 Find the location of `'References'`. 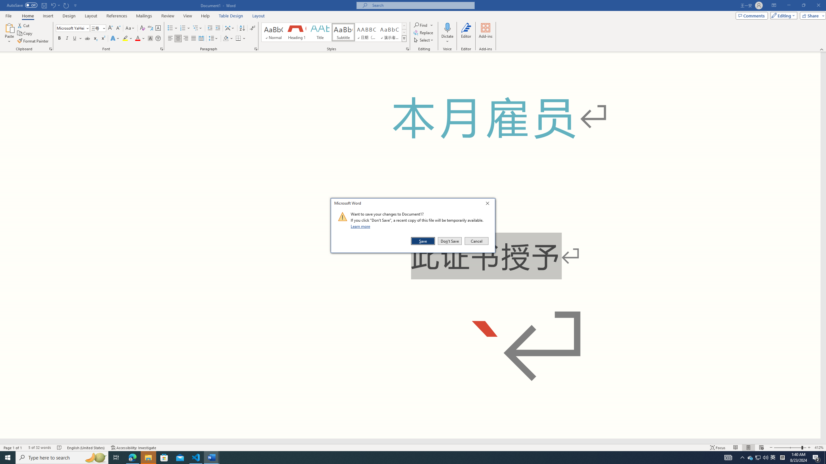

'References' is located at coordinates (117, 16).